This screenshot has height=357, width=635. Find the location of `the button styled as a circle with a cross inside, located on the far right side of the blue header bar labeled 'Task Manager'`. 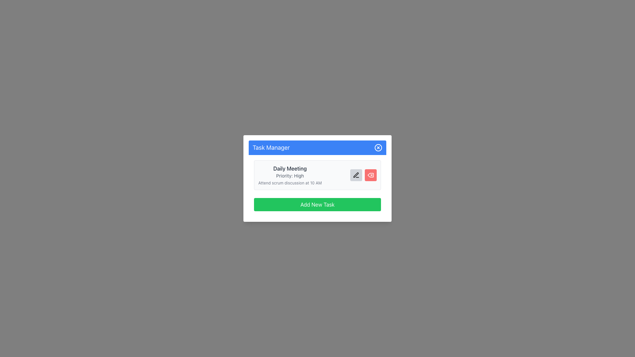

the button styled as a circle with a cross inside, located on the far right side of the blue header bar labeled 'Task Manager' is located at coordinates (378, 147).